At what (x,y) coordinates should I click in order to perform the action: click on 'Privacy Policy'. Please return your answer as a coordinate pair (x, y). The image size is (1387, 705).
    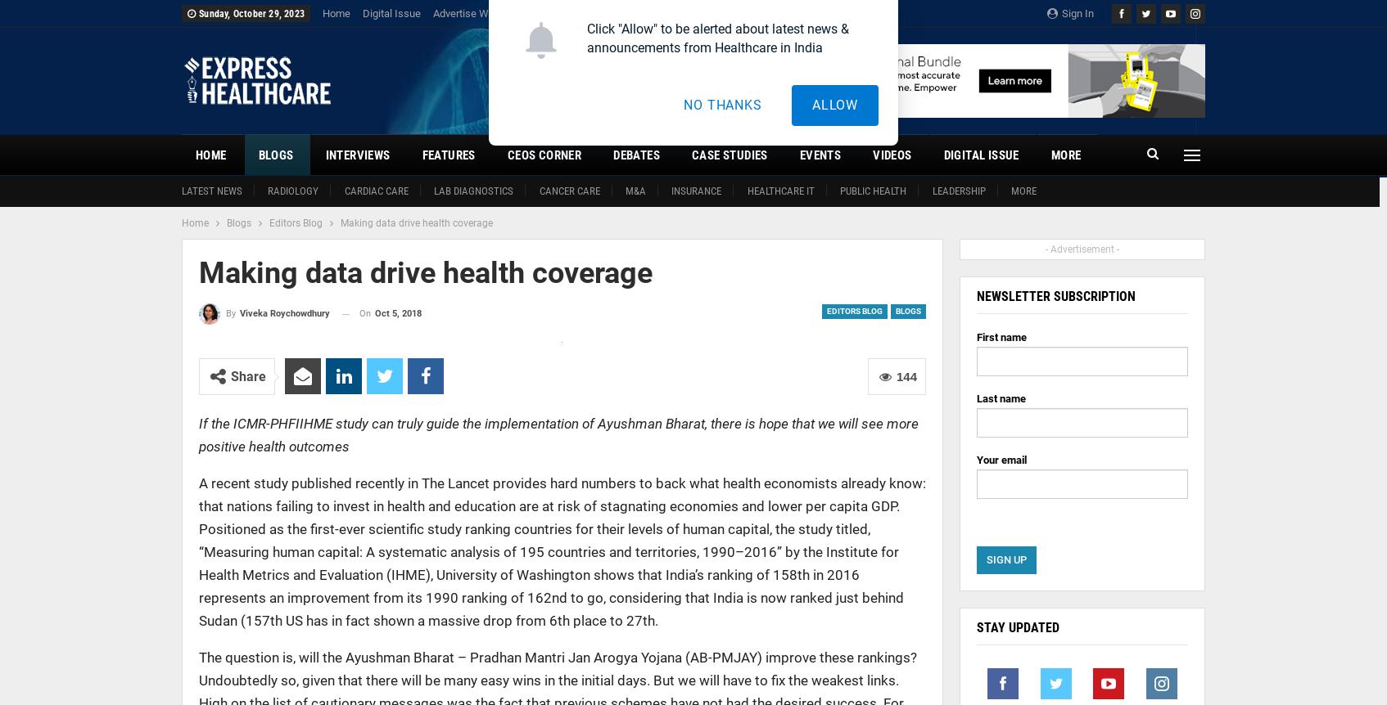
    Looking at the image, I should click on (790, 13).